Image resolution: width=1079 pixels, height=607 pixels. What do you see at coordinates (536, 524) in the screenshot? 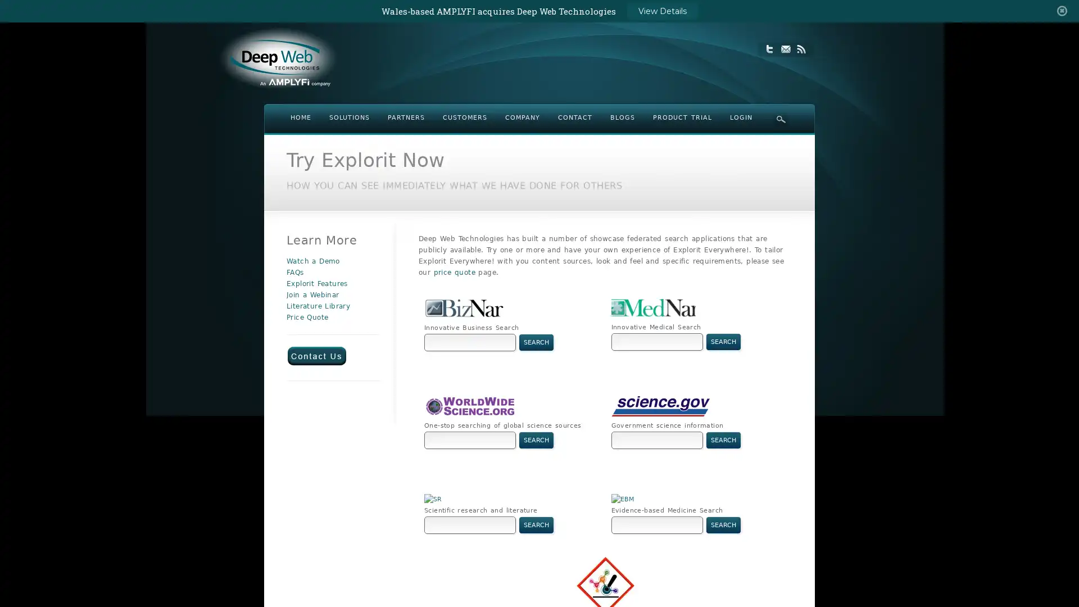
I see `Search` at bounding box center [536, 524].